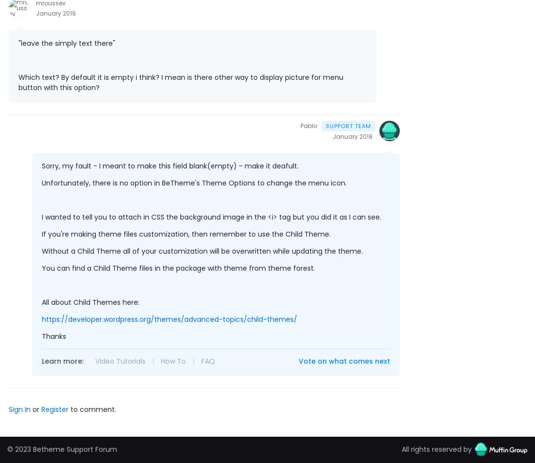  Describe the element at coordinates (42, 335) in the screenshot. I see `'Thanks'` at that location.